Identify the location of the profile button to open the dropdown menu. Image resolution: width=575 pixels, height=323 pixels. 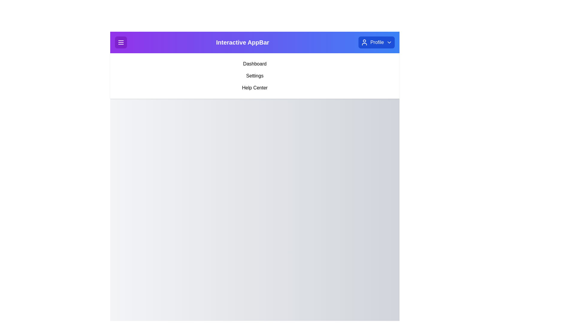
(376, 42).